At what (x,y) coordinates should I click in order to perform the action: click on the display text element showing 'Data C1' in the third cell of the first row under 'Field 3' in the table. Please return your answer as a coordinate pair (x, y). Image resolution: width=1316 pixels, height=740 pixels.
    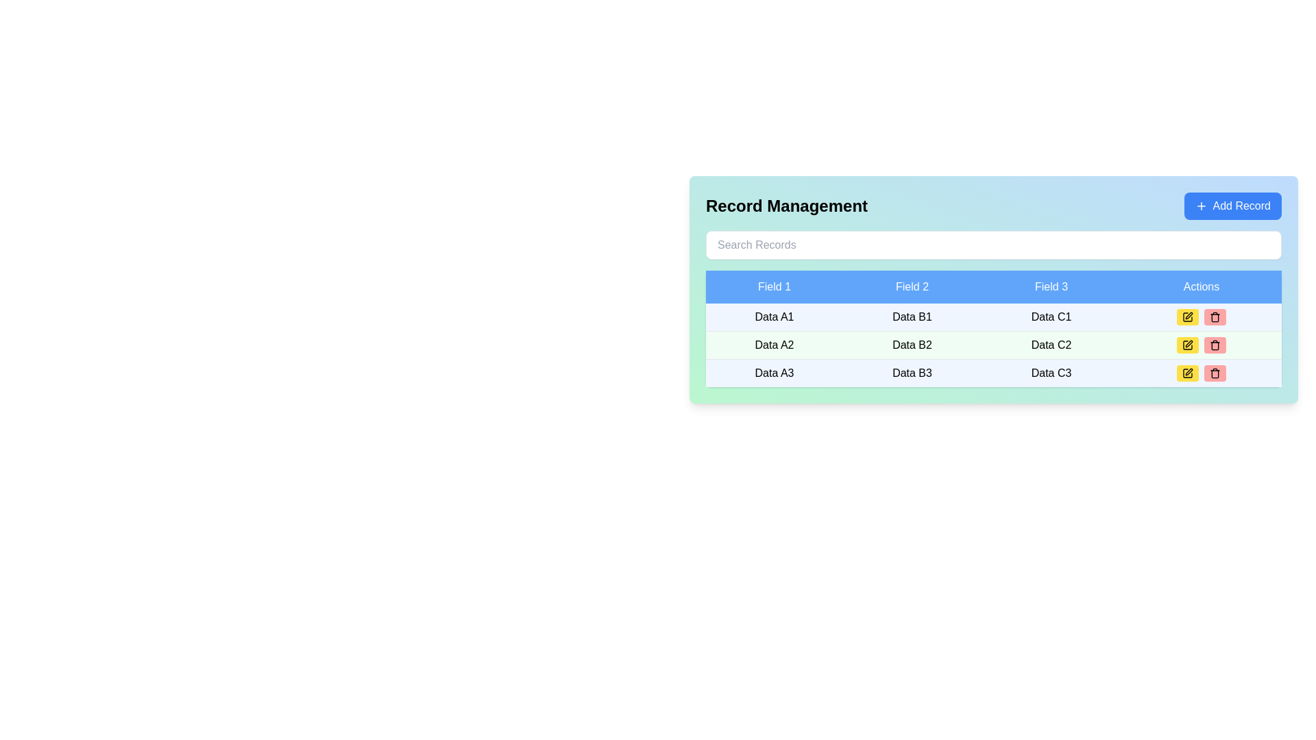
    Looking at the image, I should click on (1051, 317).